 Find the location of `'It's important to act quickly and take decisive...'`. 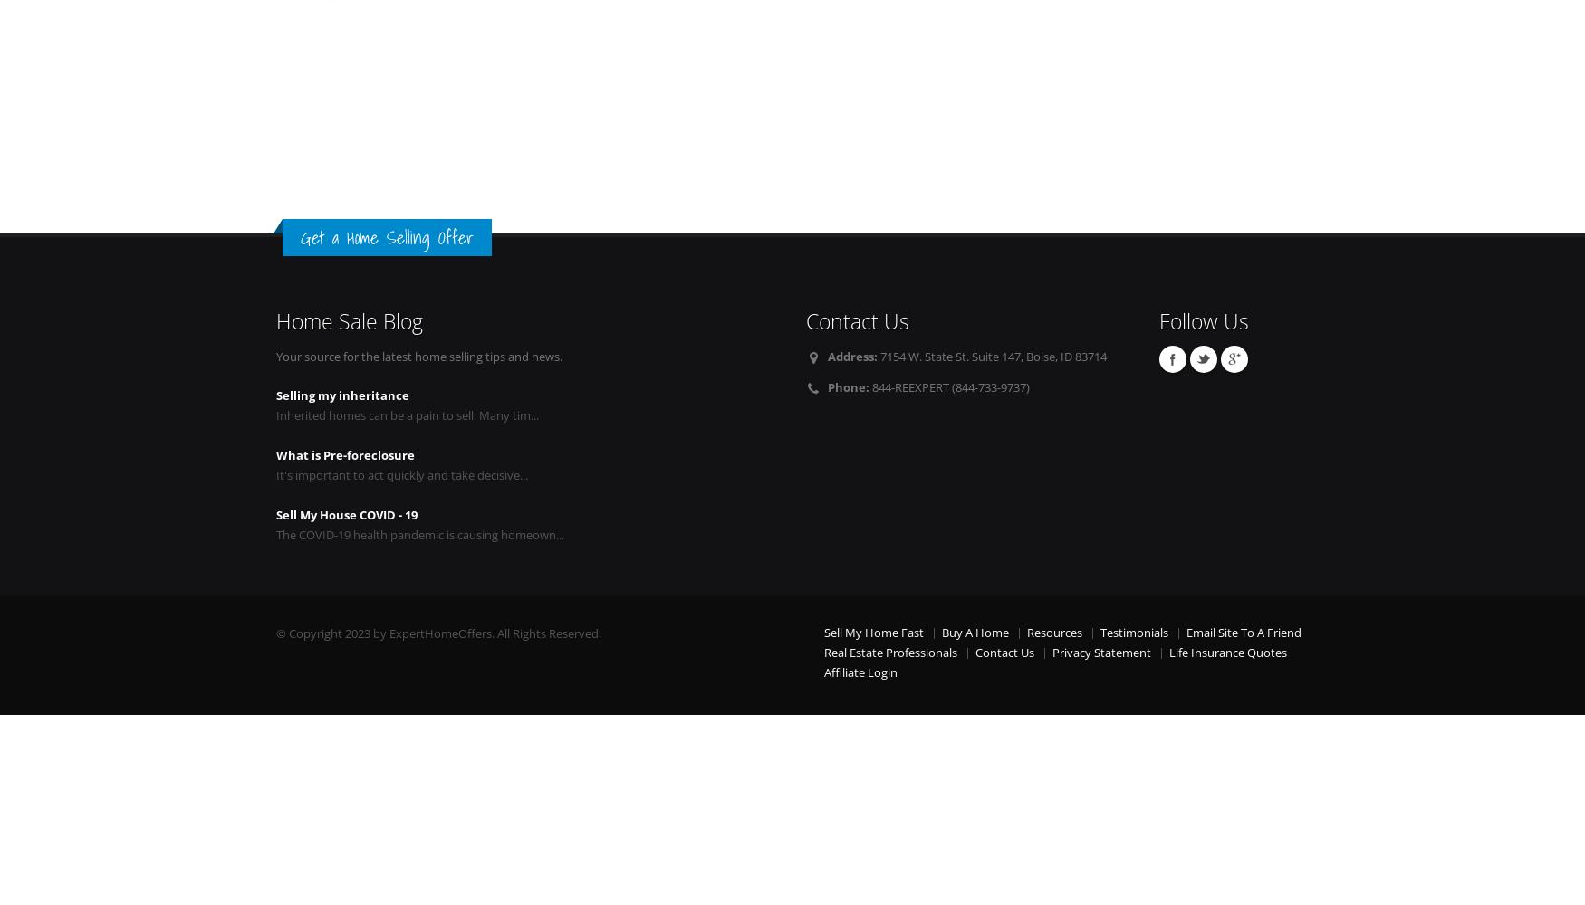

'It's important to act quickly and take decisive...' is located at coordinates (401, 475).